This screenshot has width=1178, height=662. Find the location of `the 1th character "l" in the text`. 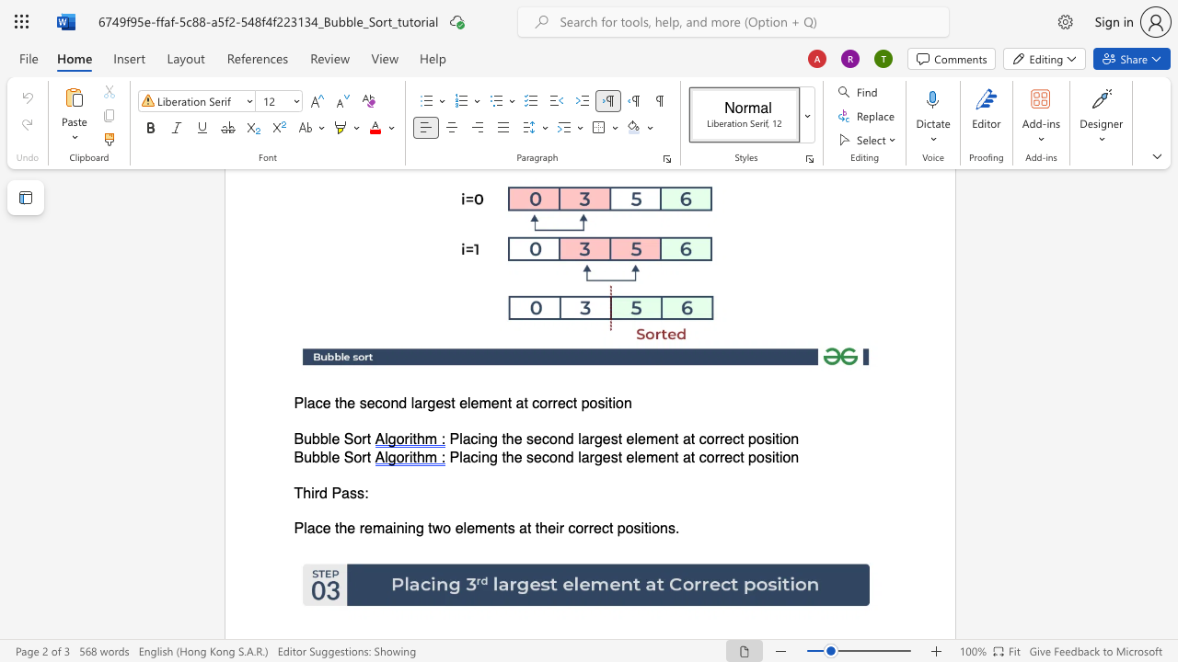

the 1th character "l" in the text is located at coordinates (329, 439).